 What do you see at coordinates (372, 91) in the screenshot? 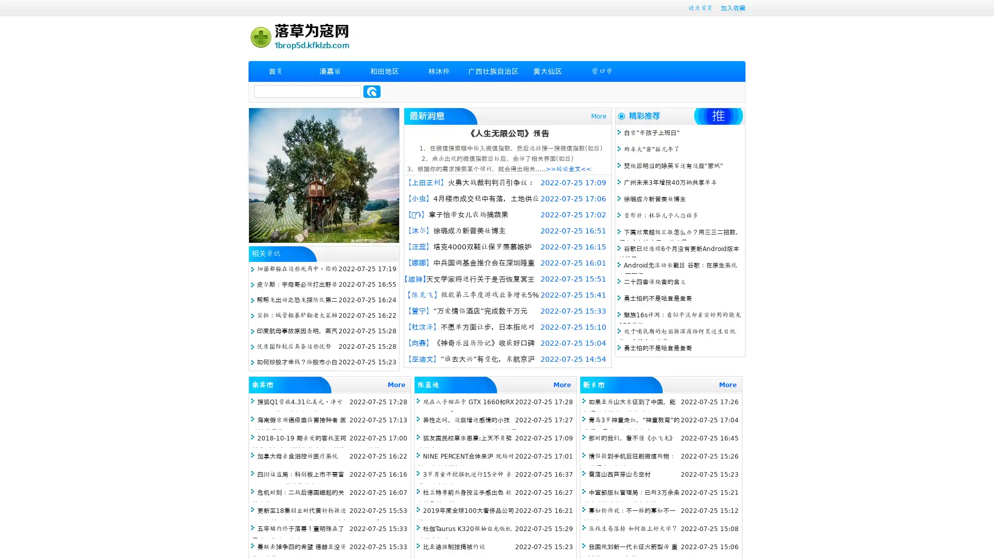
I see `Search` at bounding box center [372, 91].